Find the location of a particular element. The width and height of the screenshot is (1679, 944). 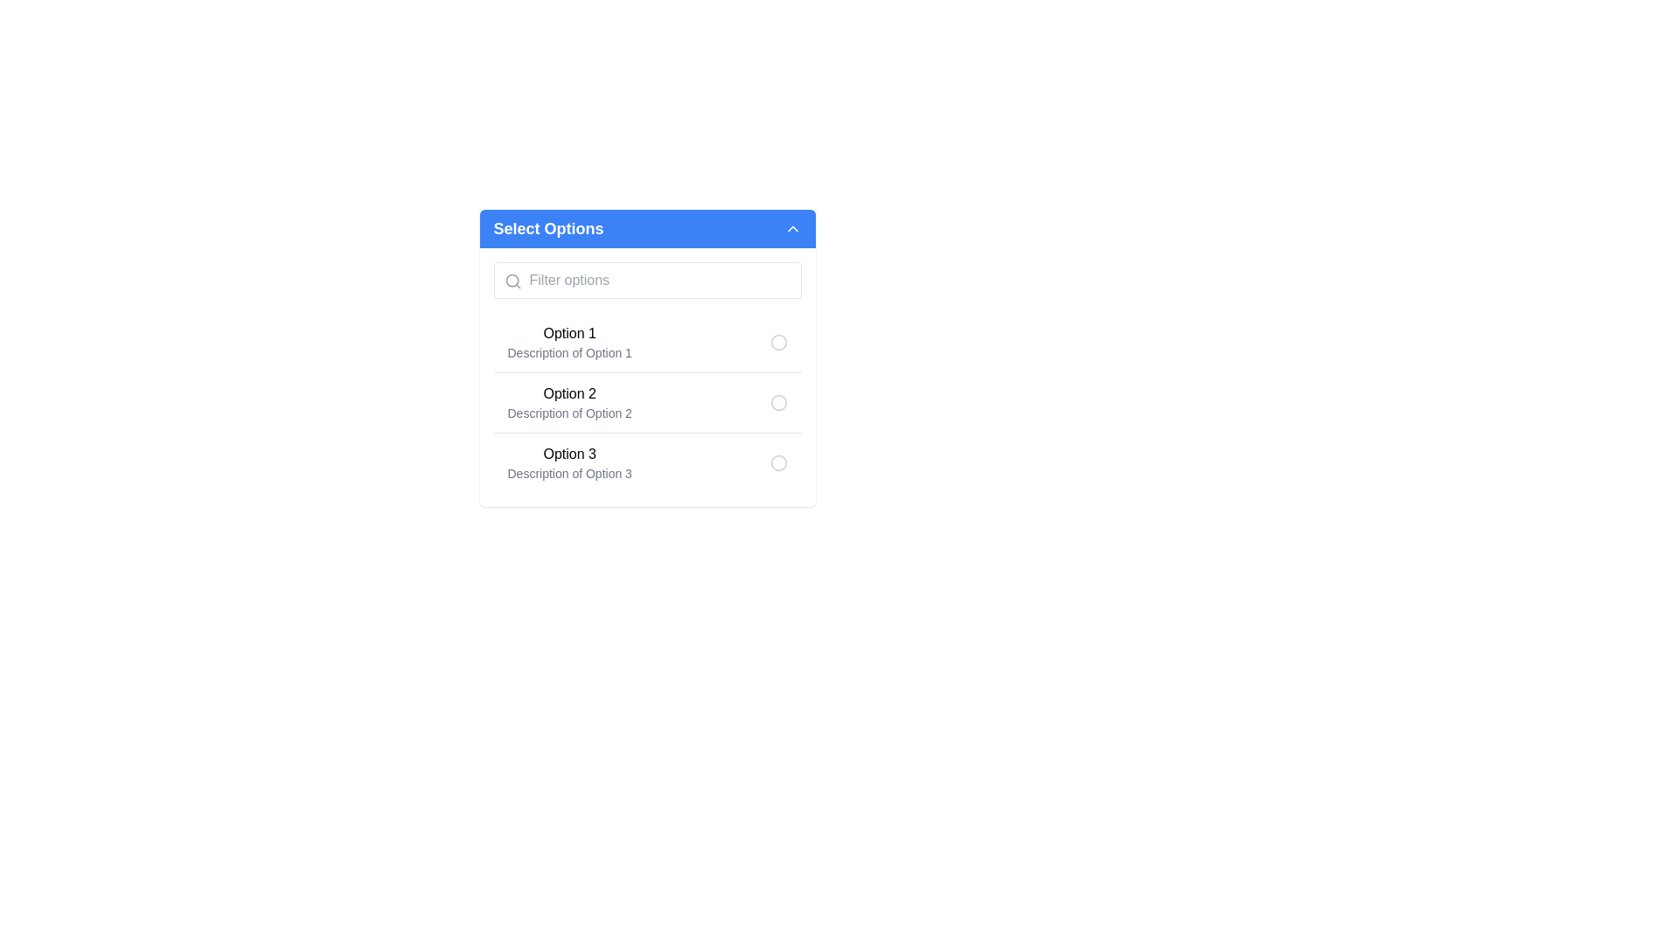

the second item in the vertically organized list of selectable options labeled 'Option 2' is located at coordinates (646, 403).